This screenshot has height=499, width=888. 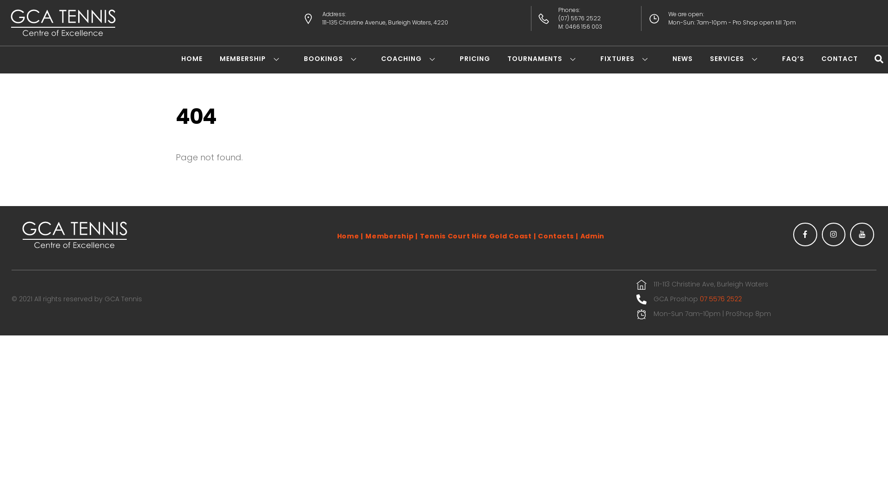 What do you see at coordinates (304, 59) in the screenshot?
I see `'BOOKINGS'` at bounding box center [304, 59].